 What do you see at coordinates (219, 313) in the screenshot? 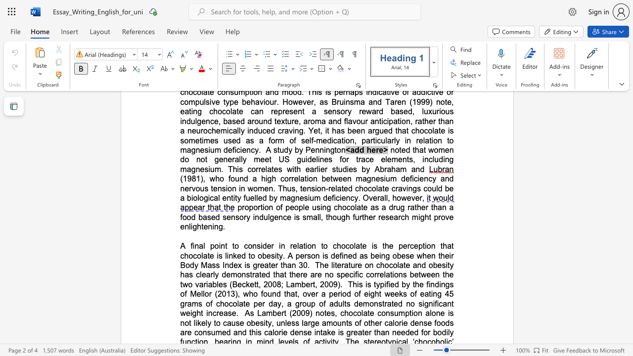
I see `the subset text "ease" within the text "no significant weight increase"` at bounding box center [219, 313].